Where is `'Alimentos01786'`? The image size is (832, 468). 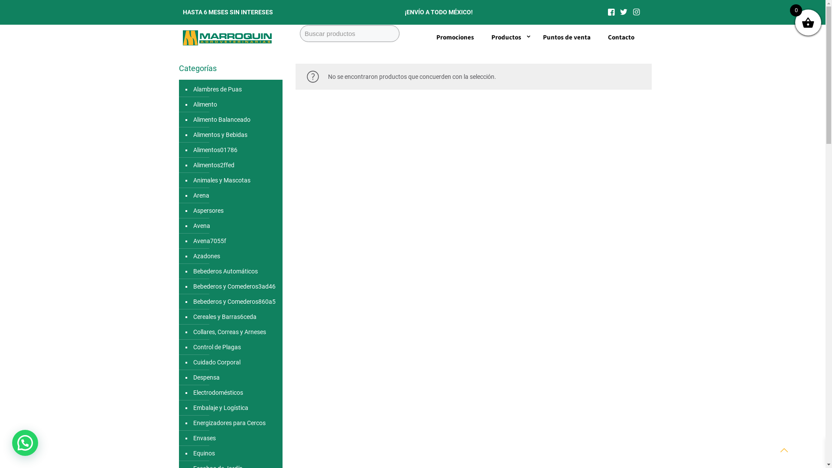 'Alimentos01786' is located at coordinates (235, 149).